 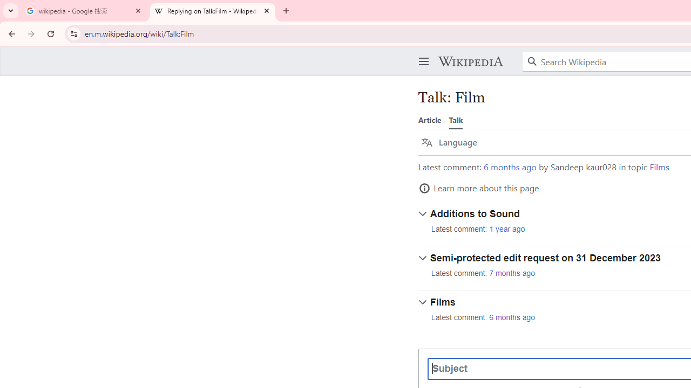 I want to click on 'Article', so click(x=429, y=120).